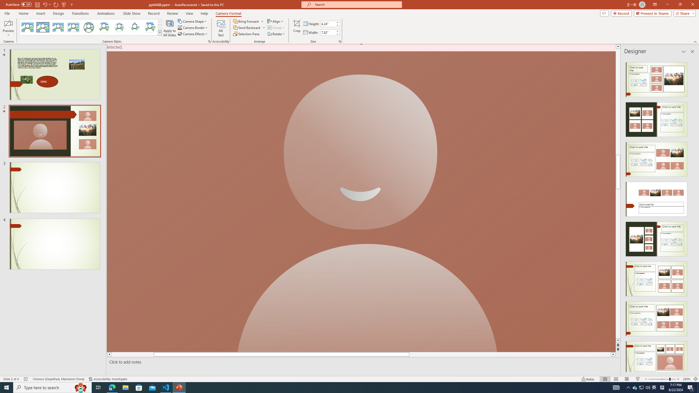 This screenshot has width=699, height=393. I want to click on 'Recommended Design: Design Idea', so click(656, 78).